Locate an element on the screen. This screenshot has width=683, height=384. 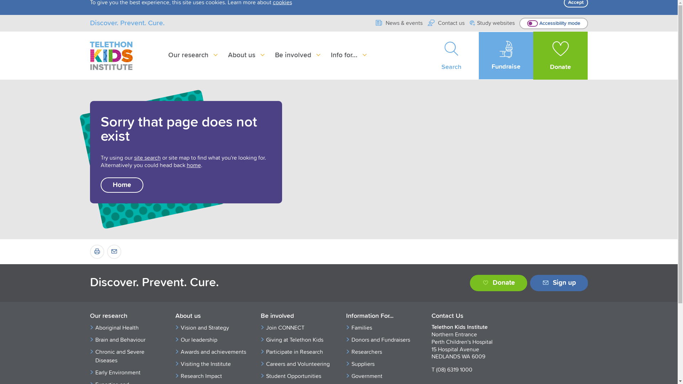
'Researchers' is located at coordinates (384, 352).